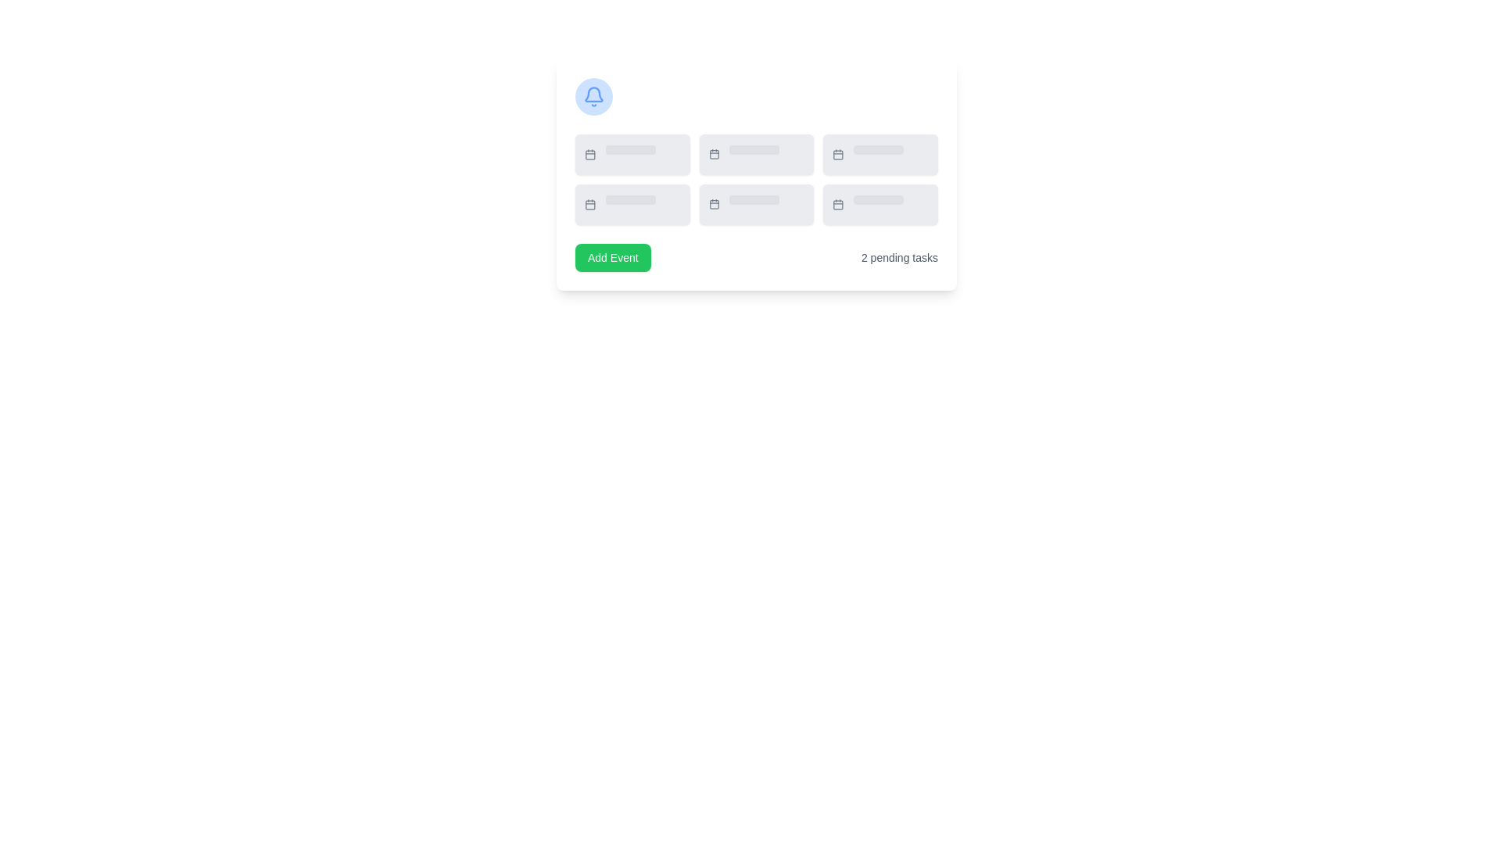 The width and height of the screenshot is (1501, 844). I want to click on the non-interactive part of the calendar icon located at the upper portion of the interface, which serves as the main rectangular body of the calendar, so click(589, 155).